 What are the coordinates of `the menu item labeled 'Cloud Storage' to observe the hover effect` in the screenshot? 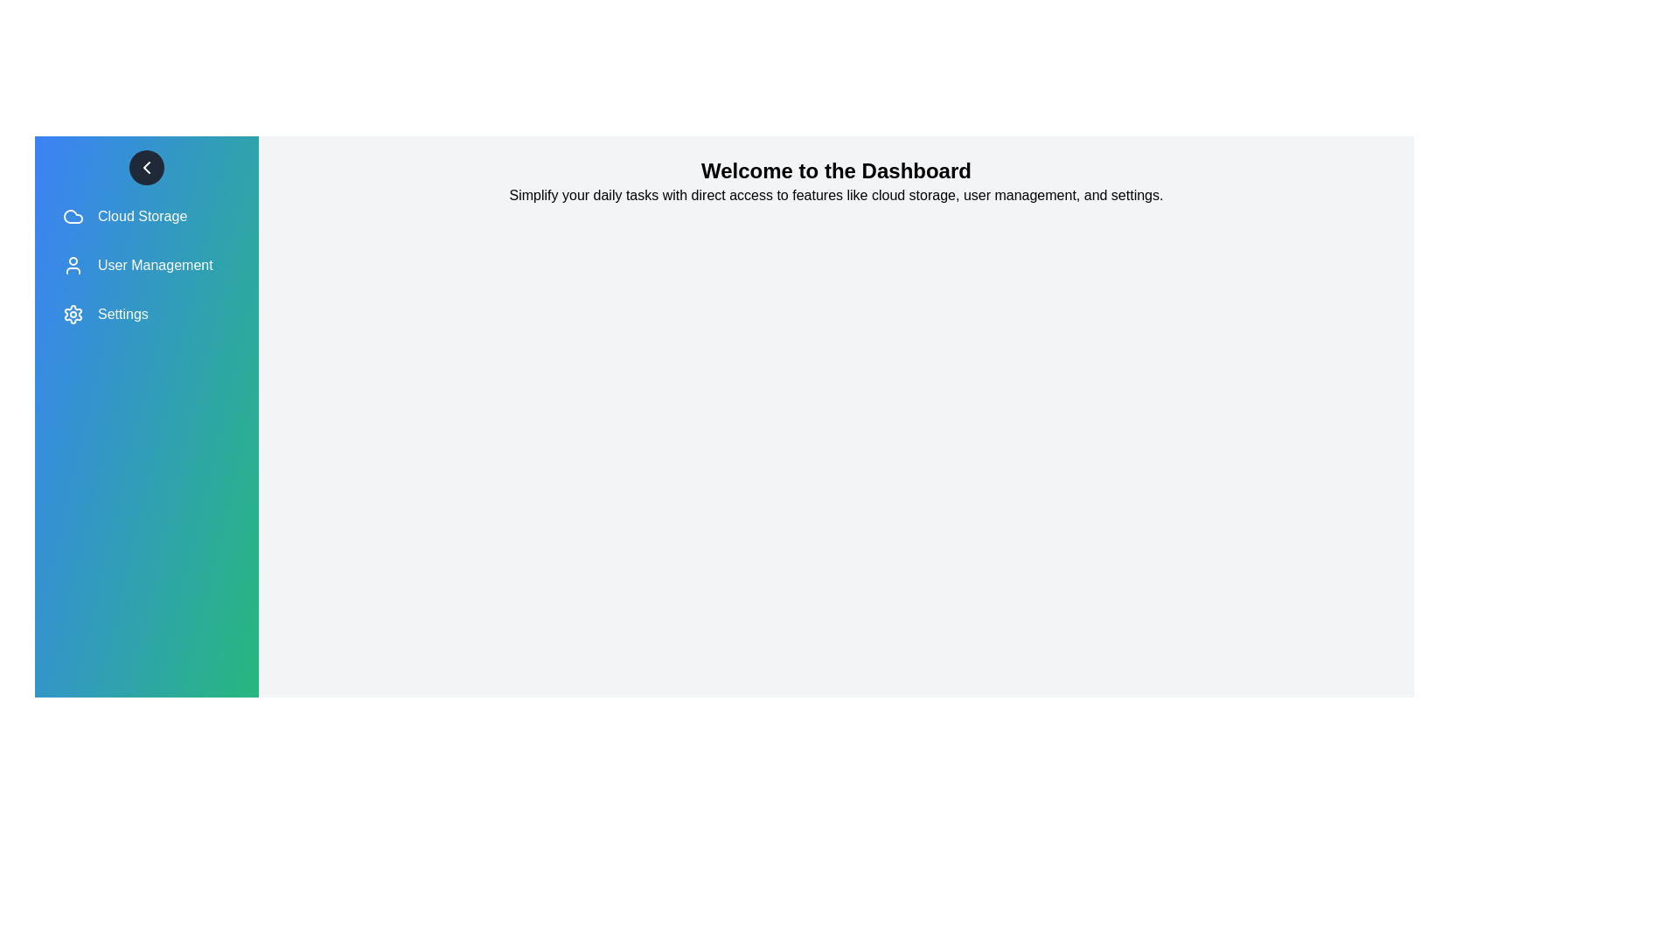 It's located at (147, 215).